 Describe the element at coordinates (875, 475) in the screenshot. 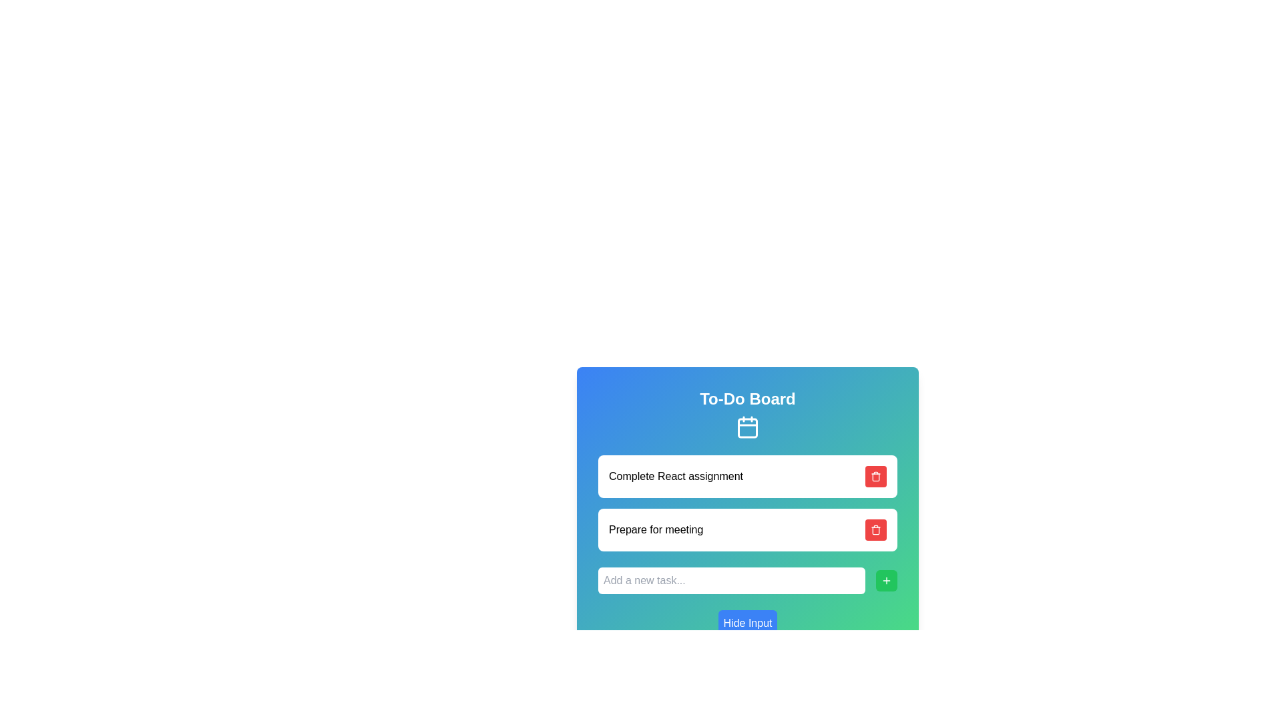

I see `the delete button for the task titled 'Complete React assignment' to observe its hover effects` at that location.